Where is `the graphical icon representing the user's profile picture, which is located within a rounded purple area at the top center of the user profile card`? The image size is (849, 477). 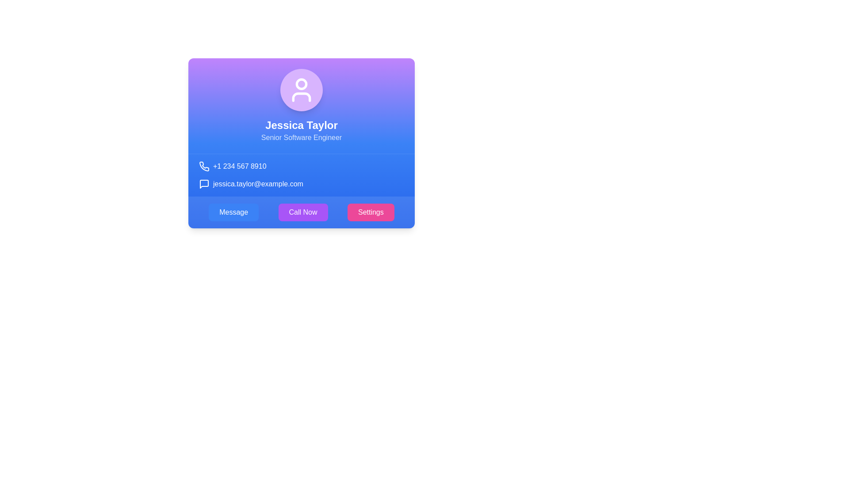 the graphical icon representing the user's profile picture, which is located within a rounded purple area at the top center of the user profile card is located at coordinates (301, 83).